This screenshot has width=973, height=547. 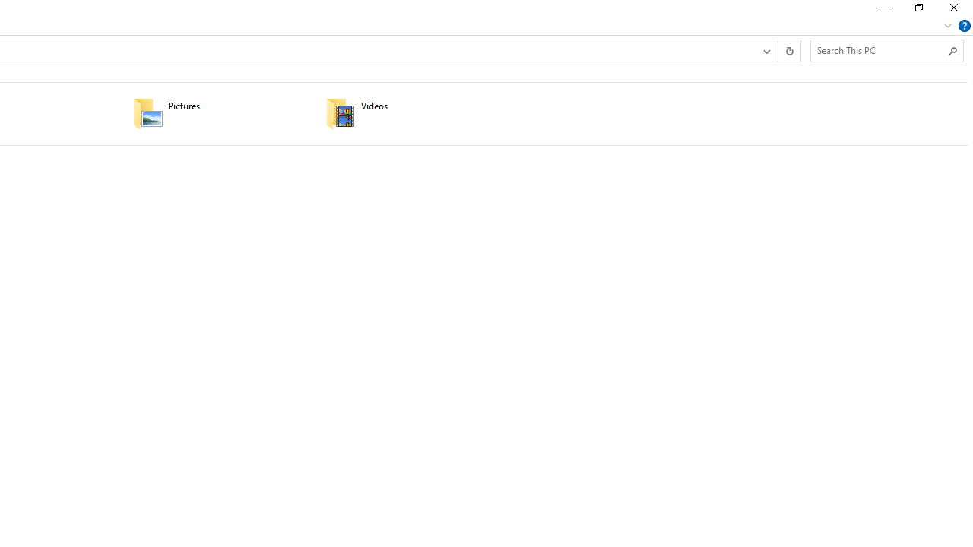 I want to click on 'Help', so click(x=964, y=25).